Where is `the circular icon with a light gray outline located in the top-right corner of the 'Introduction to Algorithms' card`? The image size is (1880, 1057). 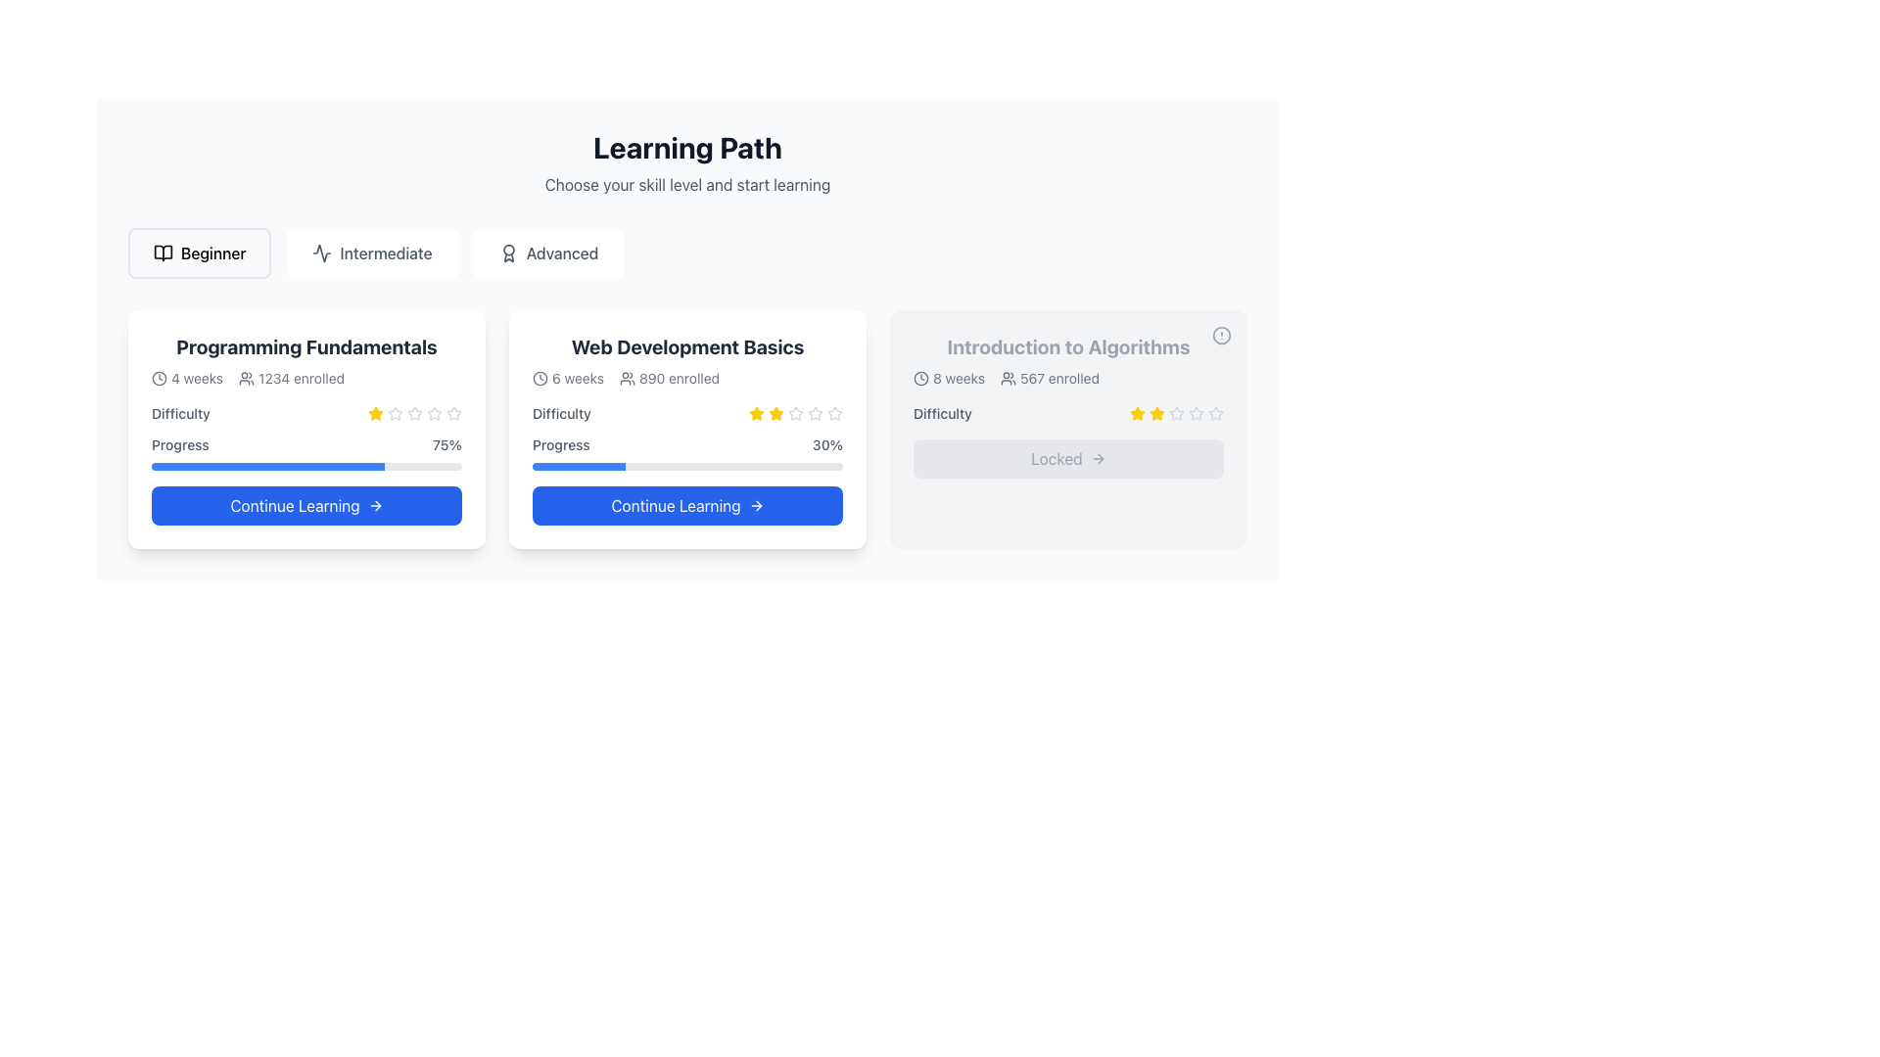
the circular icon with a light gray outline located in the top-right corner of the 'Introduction to Algorithms' card is located at coordinates (1221, 335).